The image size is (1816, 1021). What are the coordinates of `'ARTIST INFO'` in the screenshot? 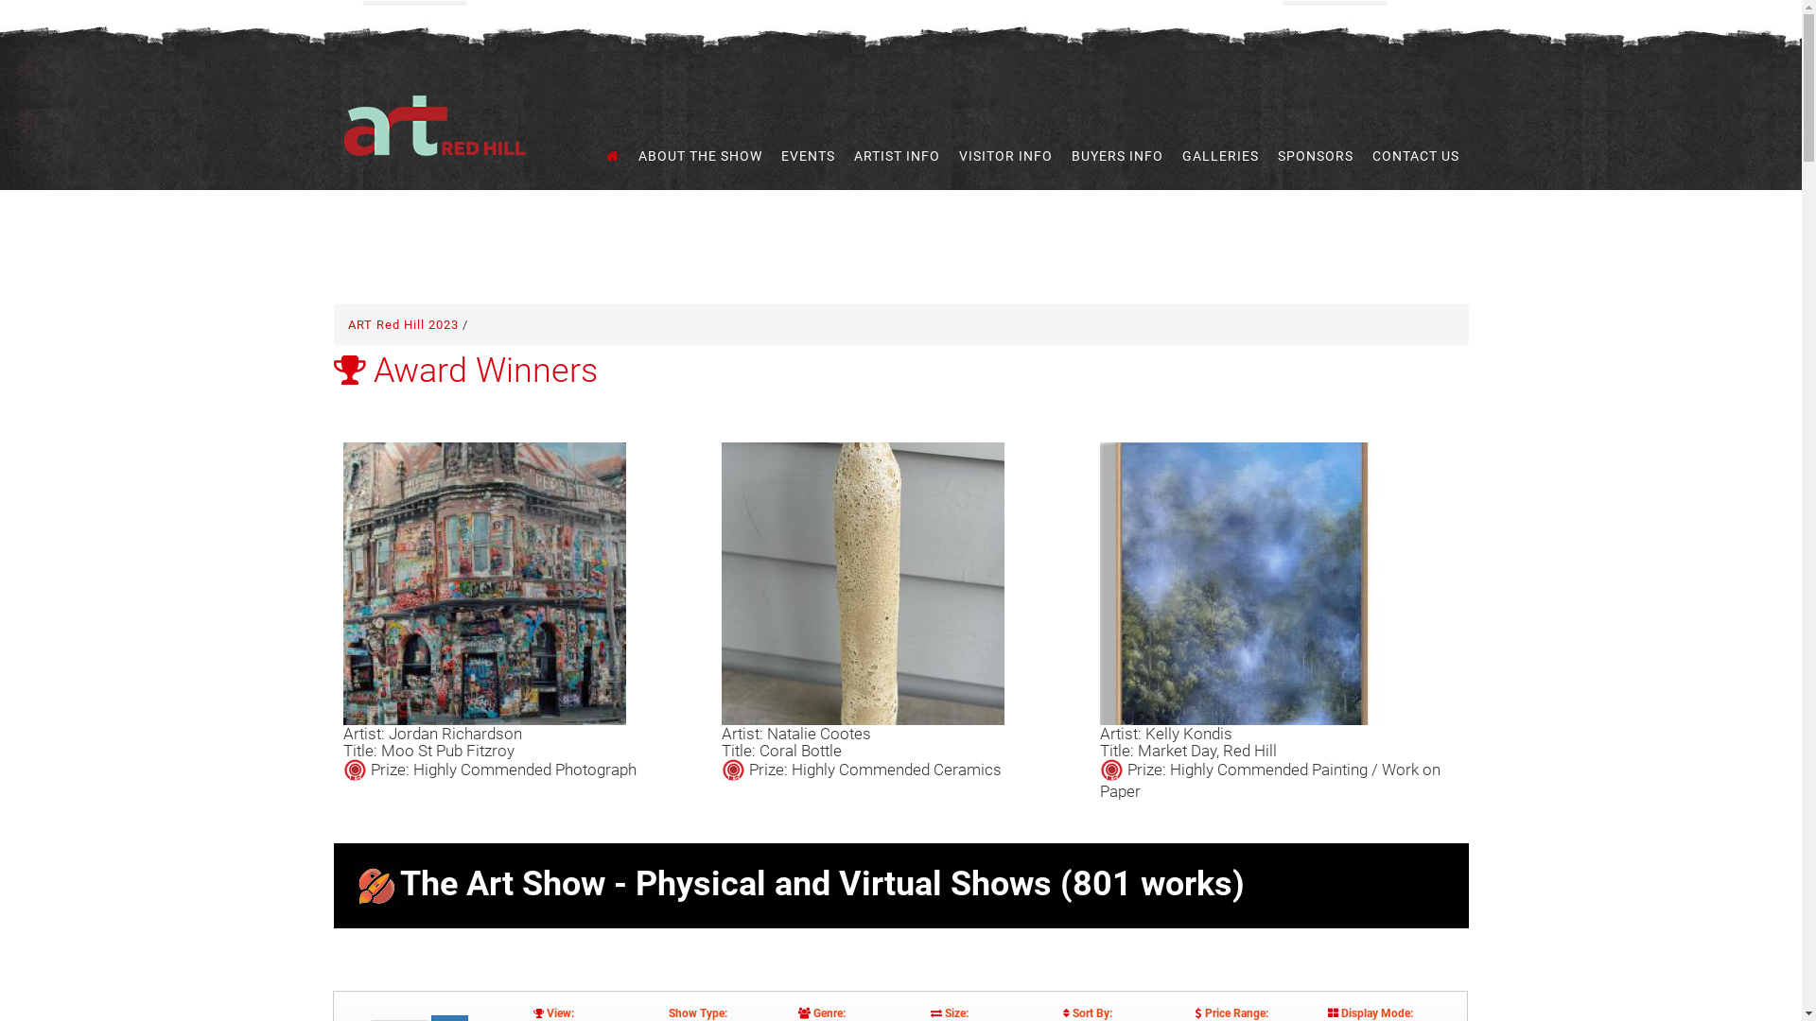 It's located at (896, 155).